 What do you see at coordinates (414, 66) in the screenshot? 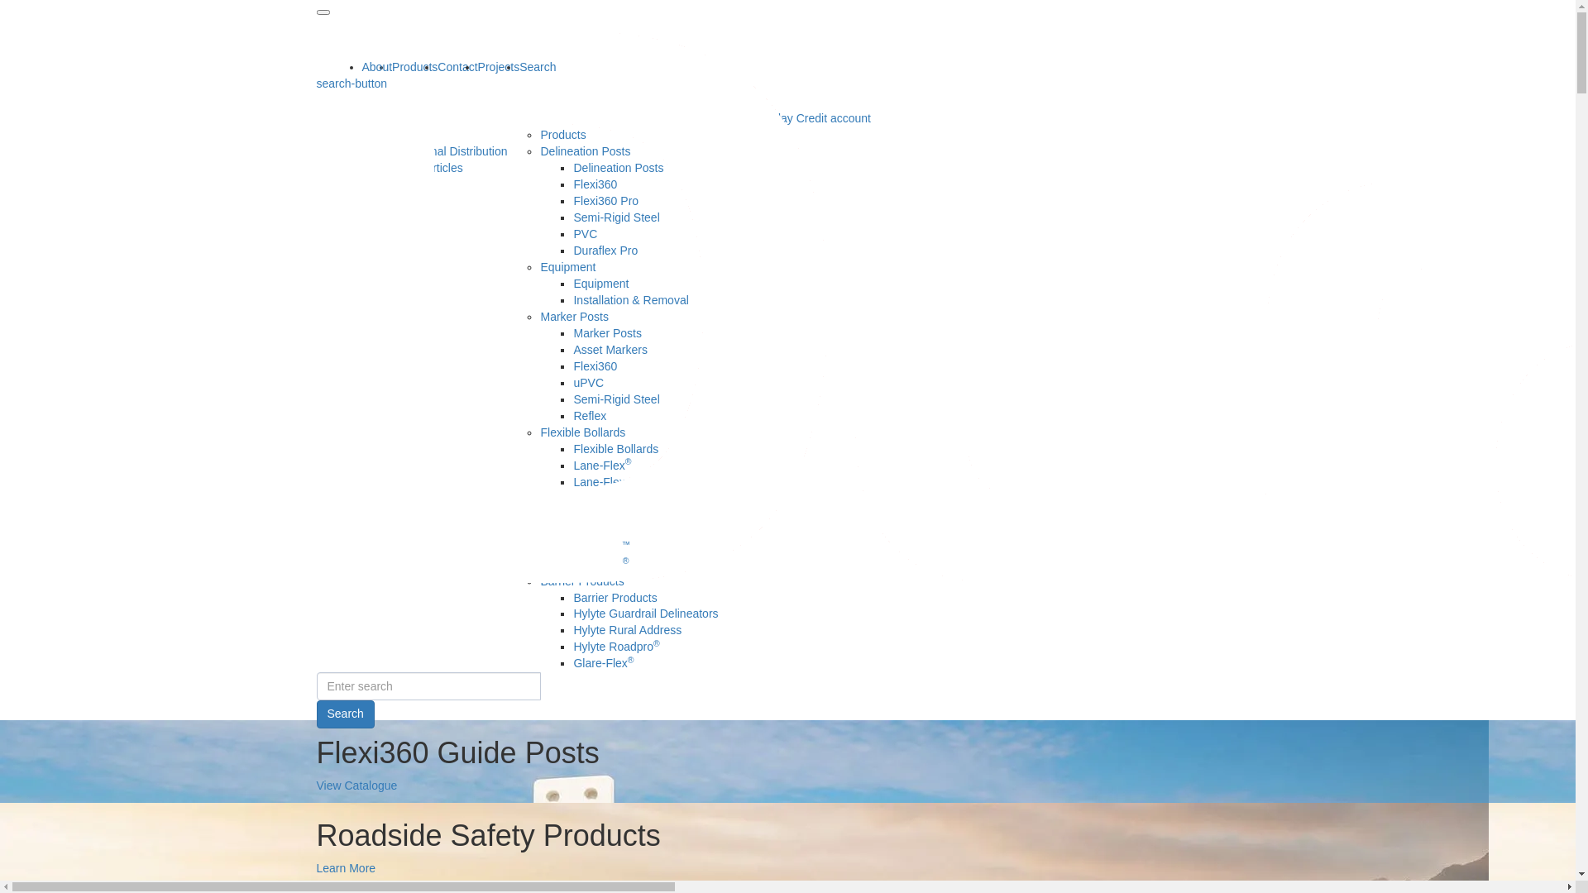
I see `'Products'` at bounding box center [414, 66].